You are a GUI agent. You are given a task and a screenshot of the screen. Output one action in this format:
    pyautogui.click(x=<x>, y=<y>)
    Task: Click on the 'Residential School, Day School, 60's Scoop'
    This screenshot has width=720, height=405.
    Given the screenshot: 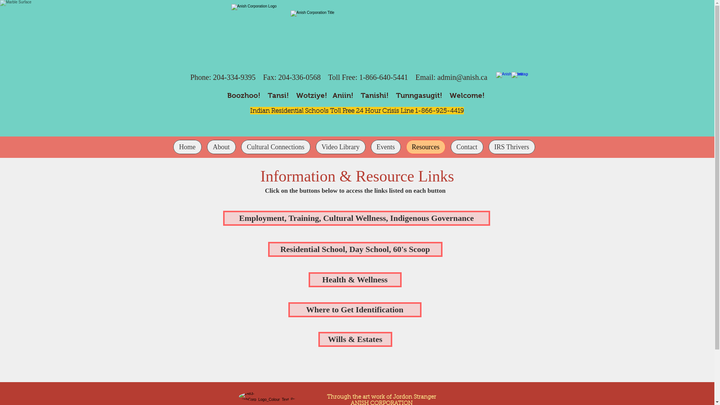 What is the action you would take?
    pyautogui.click(x=354, y=249)
    